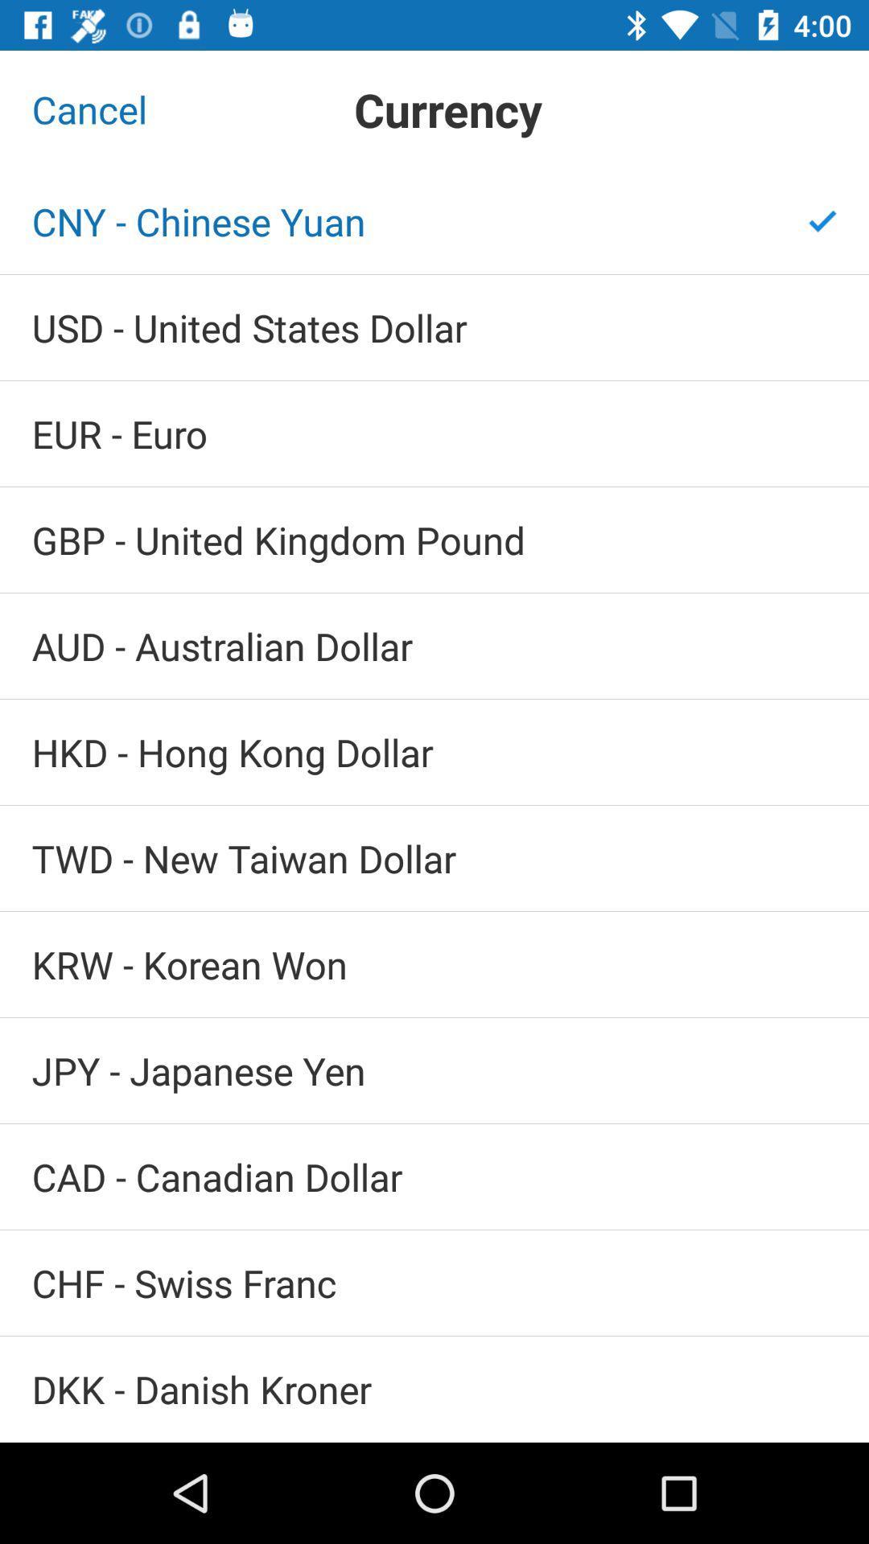 The width and height of the screenshot is (869, 1544). Describe the element at coordinates (434, 540) in the screenshot. I see `the icon below eur - euro` at that location.